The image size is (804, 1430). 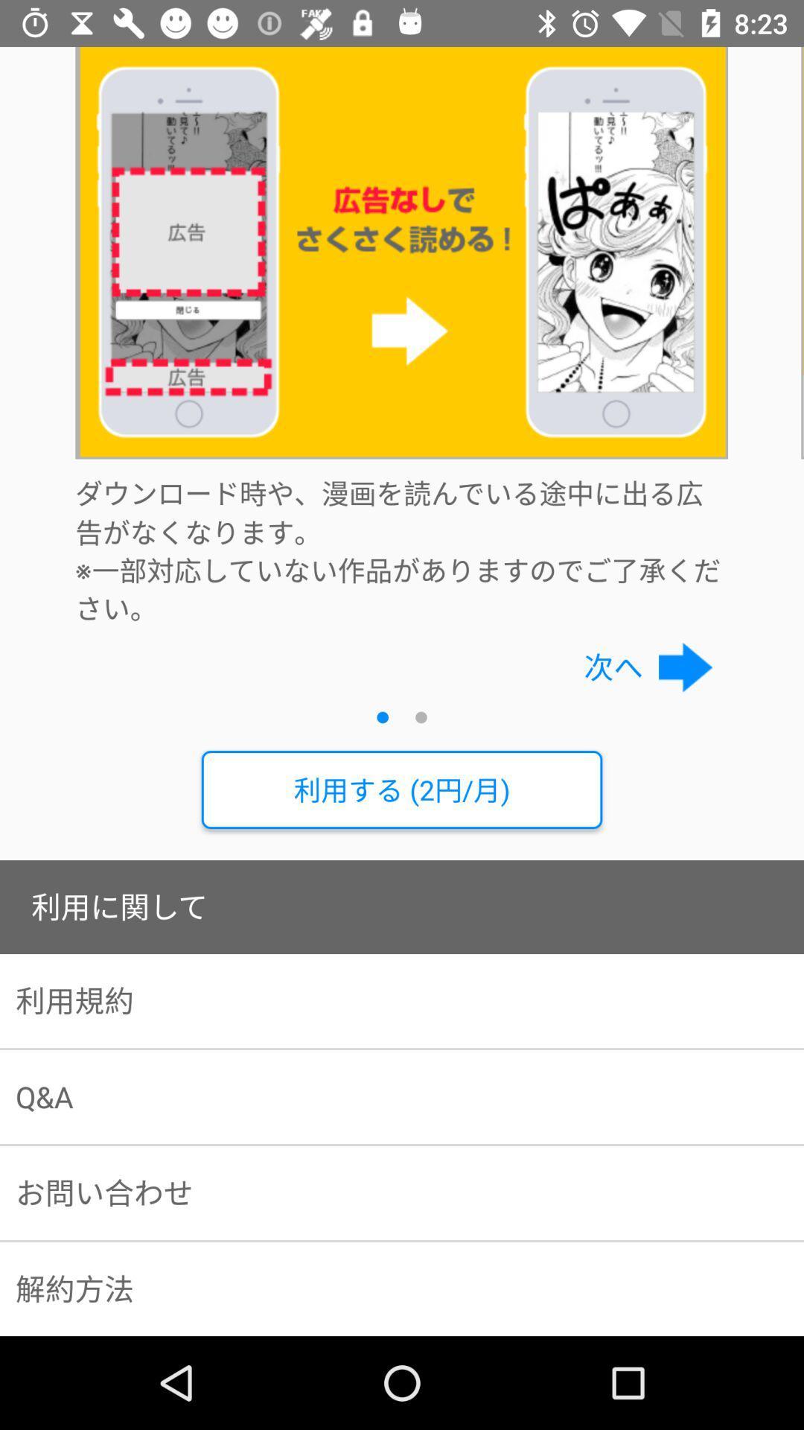 What do you see at coordinates (402, 1097) in the screenshot?
I see `the q&a icon` at bounding box center [402, 1097].